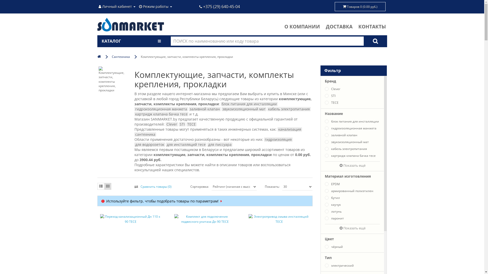  I want to click on 'SANMARKET.BY', so click(130, 24).